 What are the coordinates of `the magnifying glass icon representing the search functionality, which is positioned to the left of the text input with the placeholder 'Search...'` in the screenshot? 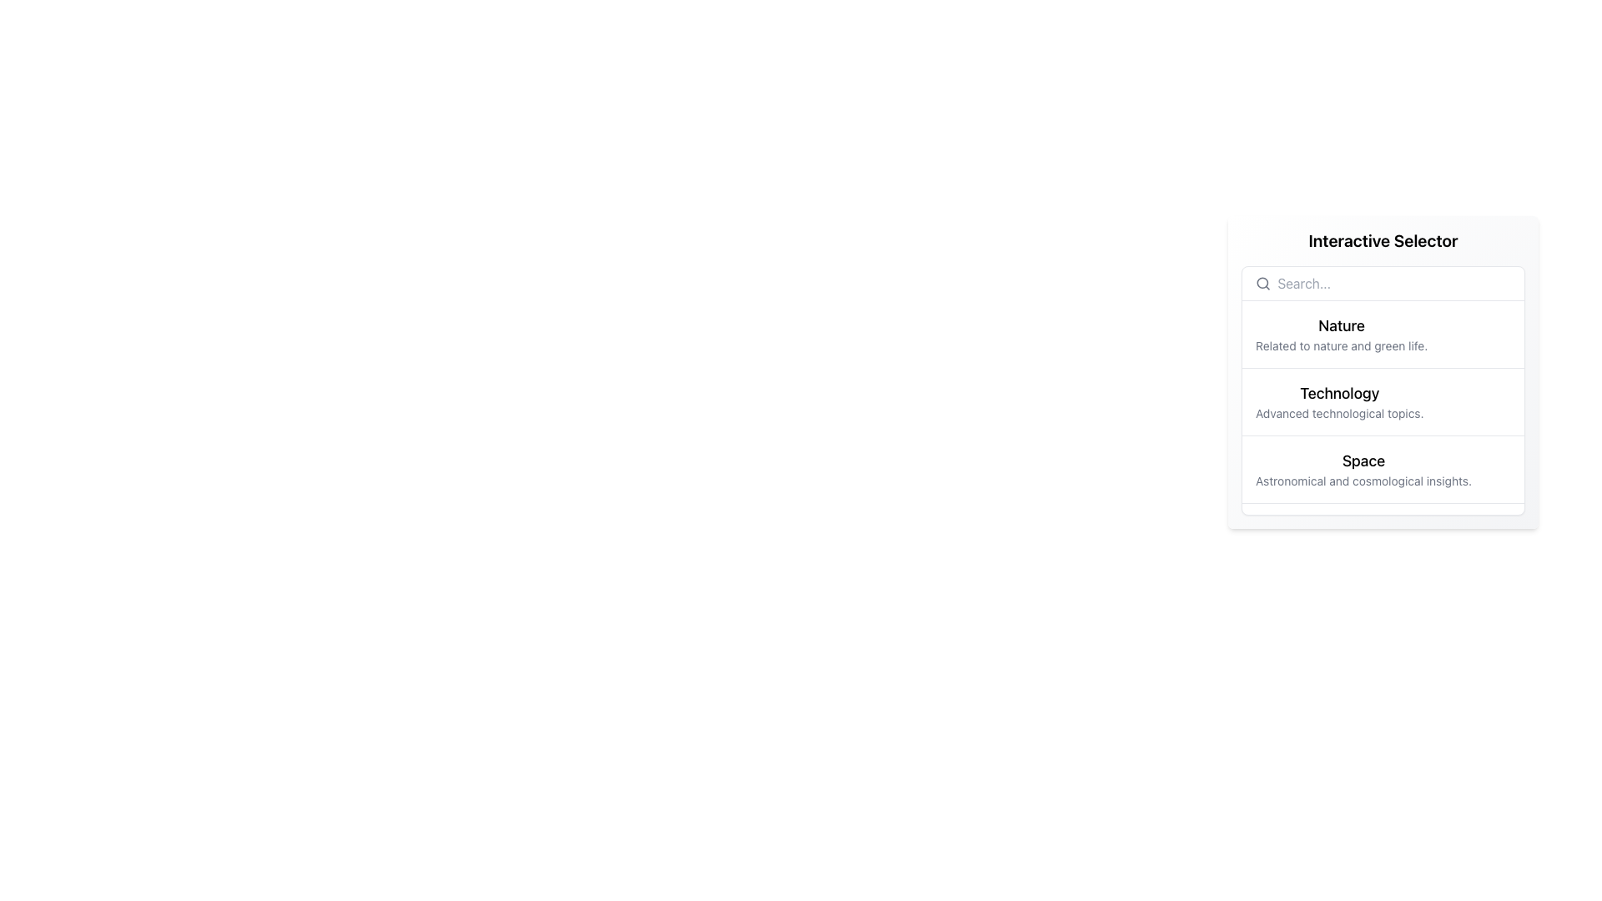 It's located at (1263, 282).